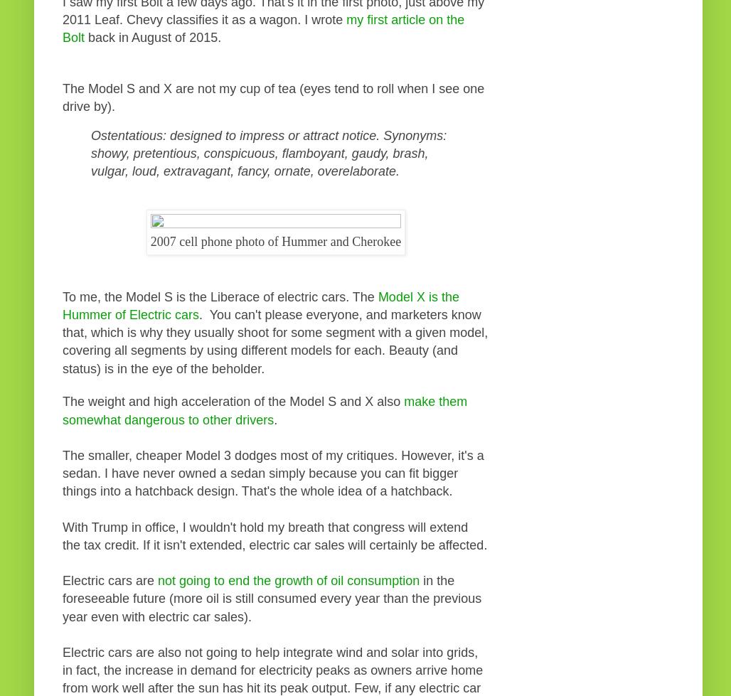 The image size is (731, 696). I want to click on 'With Trump in office, I wouldn't hold my breath that congress will extend the tax credit. If it isn't extended, electric car sales will certainly be affected.', so click(61, 535).